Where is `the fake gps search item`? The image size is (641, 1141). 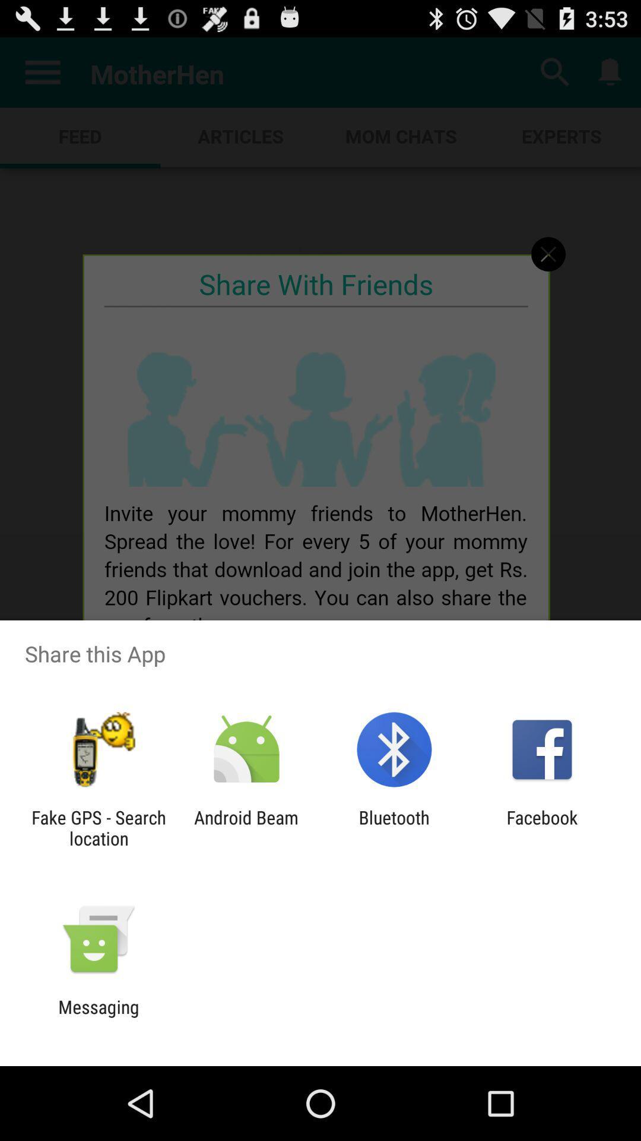
the fake gps search item is located at coordinates (98, 827).